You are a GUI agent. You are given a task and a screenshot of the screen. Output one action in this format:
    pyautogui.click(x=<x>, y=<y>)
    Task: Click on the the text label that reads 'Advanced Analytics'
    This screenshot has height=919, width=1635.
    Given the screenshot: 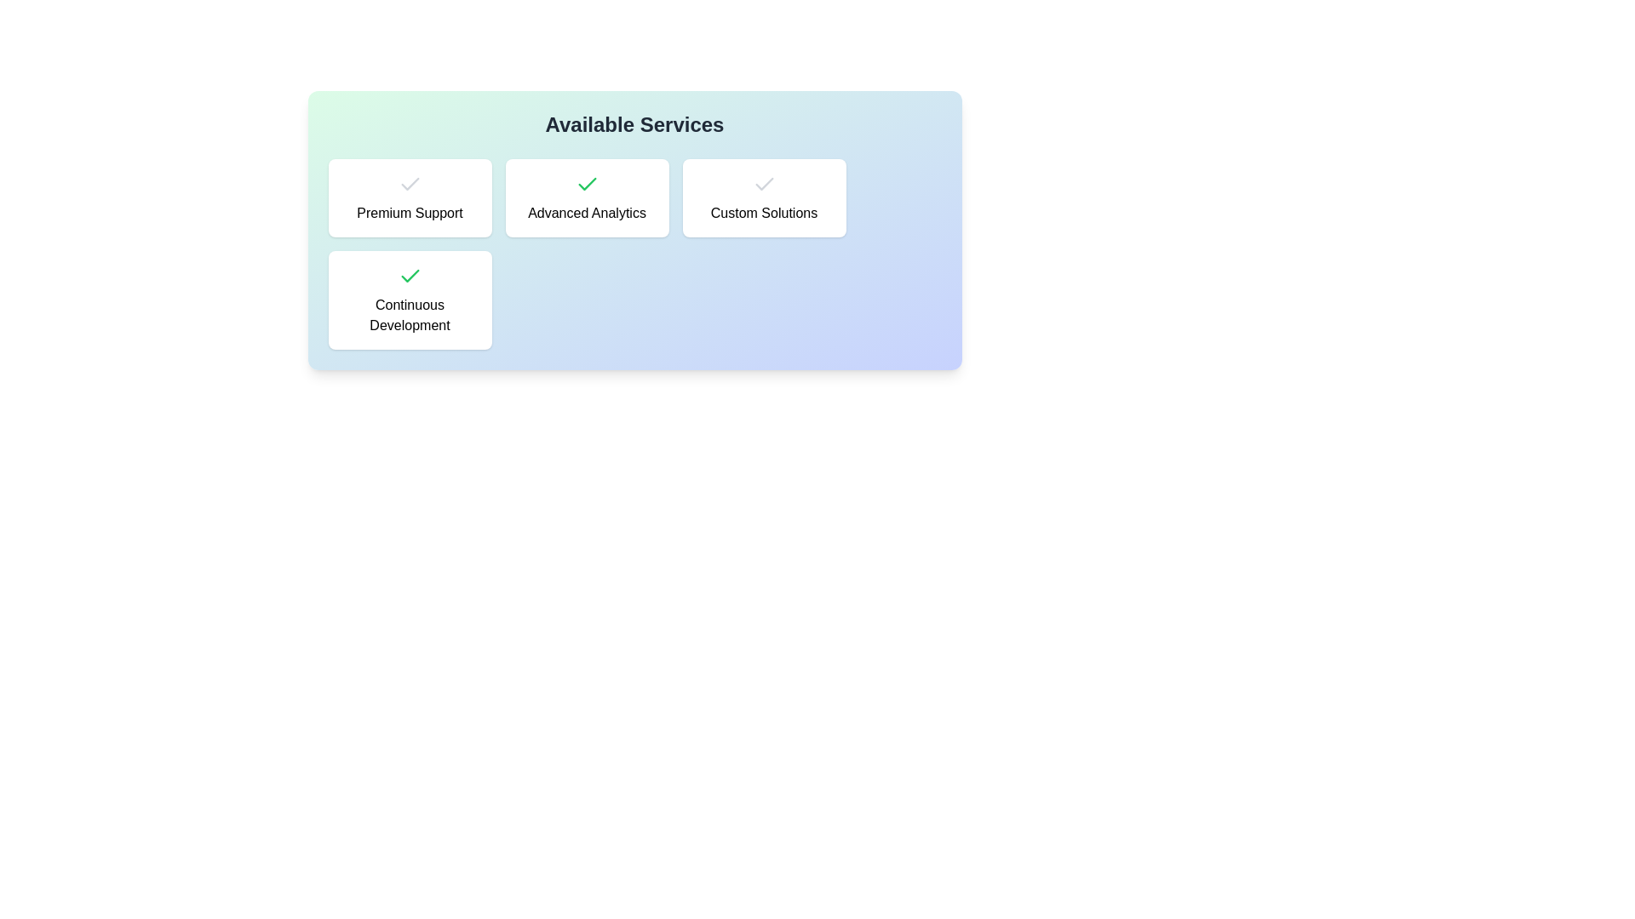 What is the action you would take?
    pyautogui.click(x=587, y=212)
    